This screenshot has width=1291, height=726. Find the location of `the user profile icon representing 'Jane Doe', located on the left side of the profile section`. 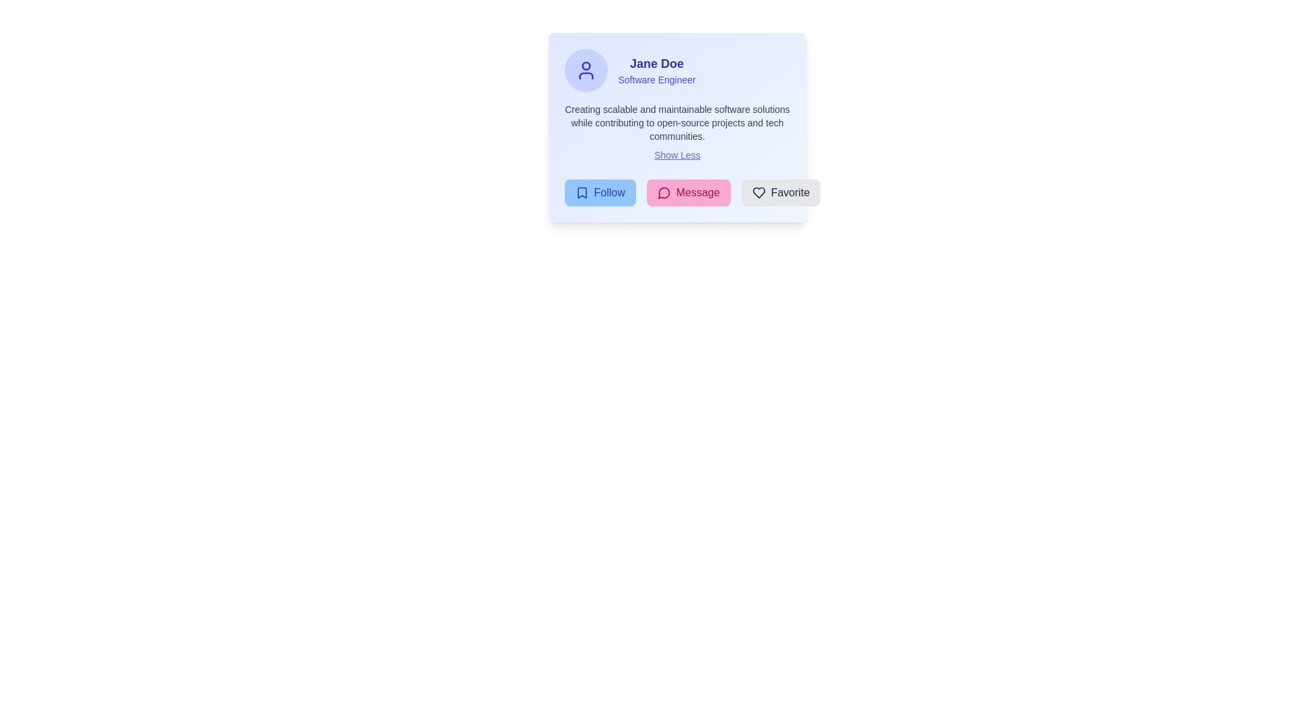

the user profile icon representing 'Jane Doe', located on the left side of the profile section is located at coordinates (586, 70).